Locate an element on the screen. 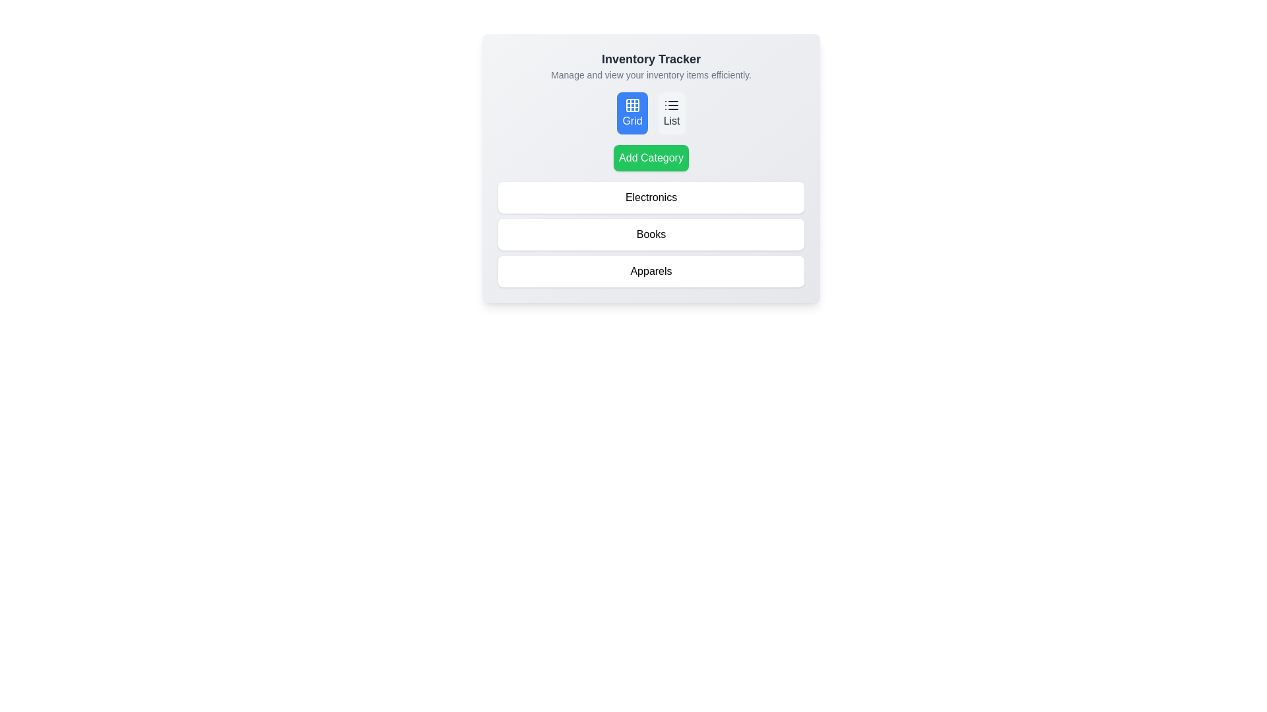  the 'Books' category label button, which is the second button in a vertical stack of three buttons, located beneath the 'Electronics' button and above the 'Apparels' button is located at coordinates (651, 233).